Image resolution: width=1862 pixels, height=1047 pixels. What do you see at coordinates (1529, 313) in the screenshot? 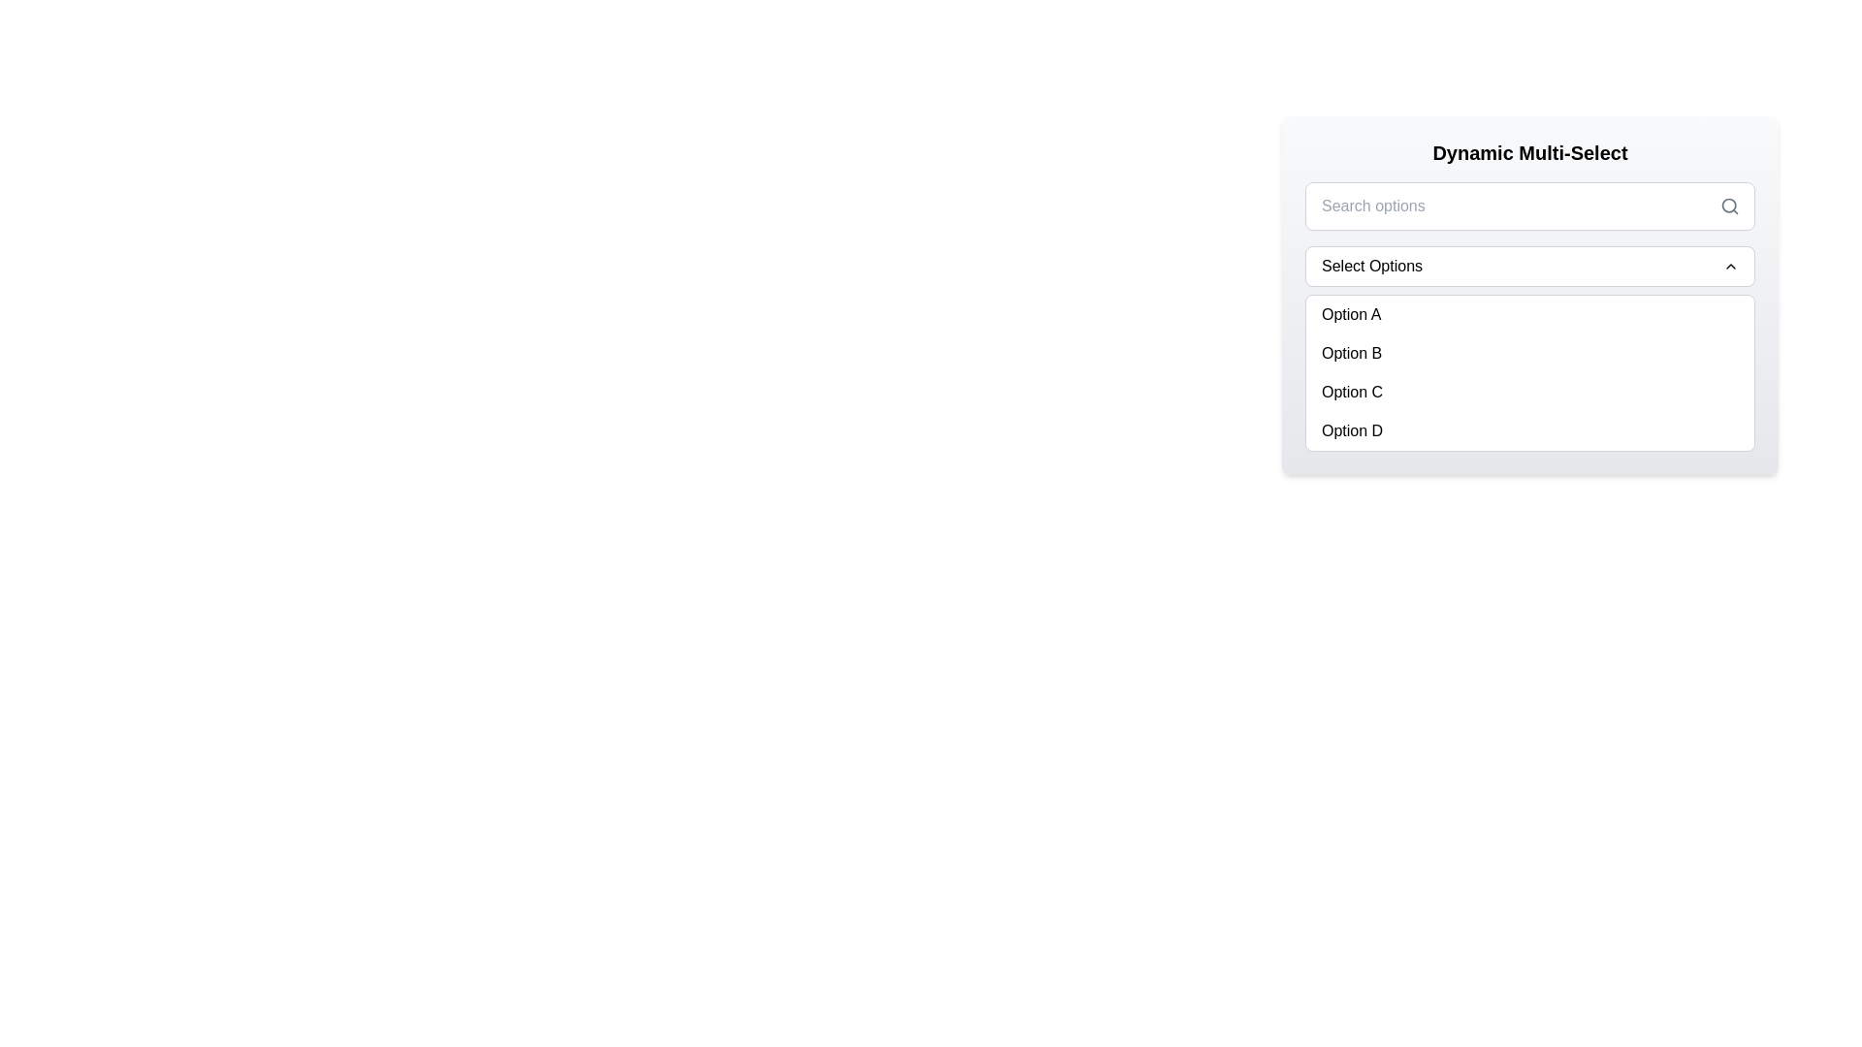
I see `the 'Option A' button located at the top of the dropdown list under 'Dynamic Multi-Select'` at bounding box center [1529, 313].